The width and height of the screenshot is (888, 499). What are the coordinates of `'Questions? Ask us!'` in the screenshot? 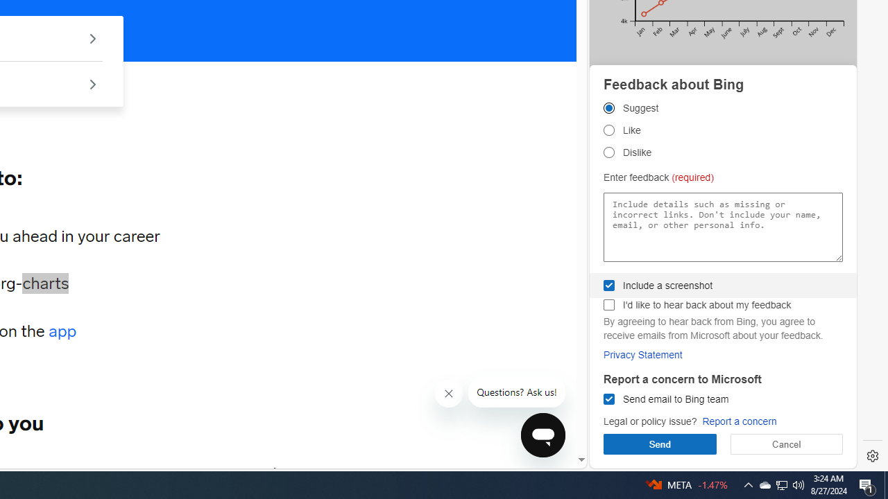 It's located at (516, 392).